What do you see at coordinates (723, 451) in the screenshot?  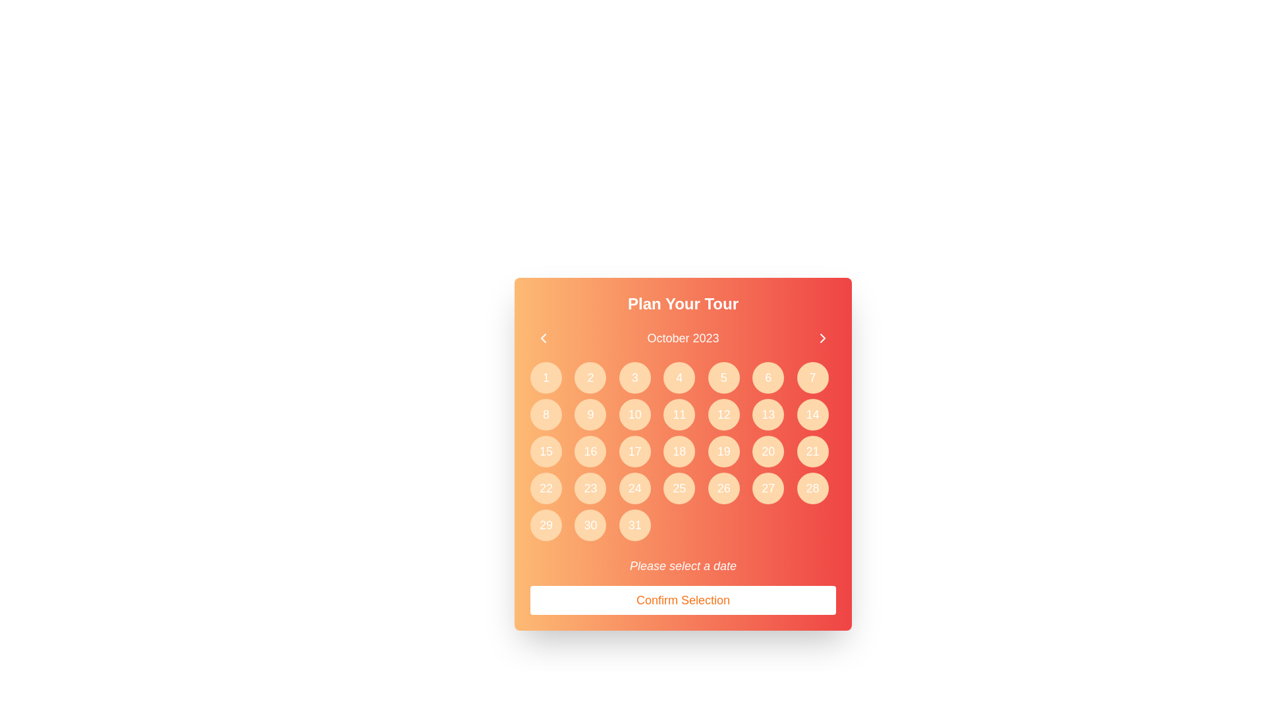 I see `the circular button with an orange background and the text '19' in white` at bounding box center [723, 451].